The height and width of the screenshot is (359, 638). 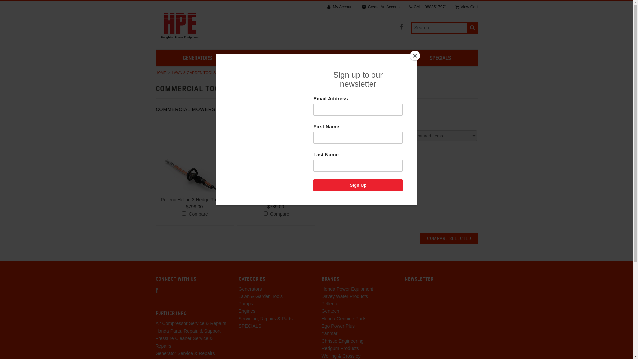 I want to click on 'Welling & Crossley', so click(x=341, y=356).